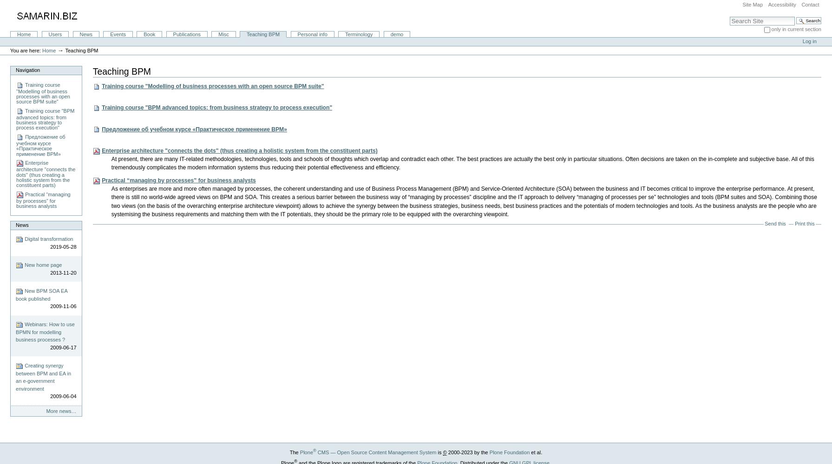  I want to click on 'Book', so click(149, 34).